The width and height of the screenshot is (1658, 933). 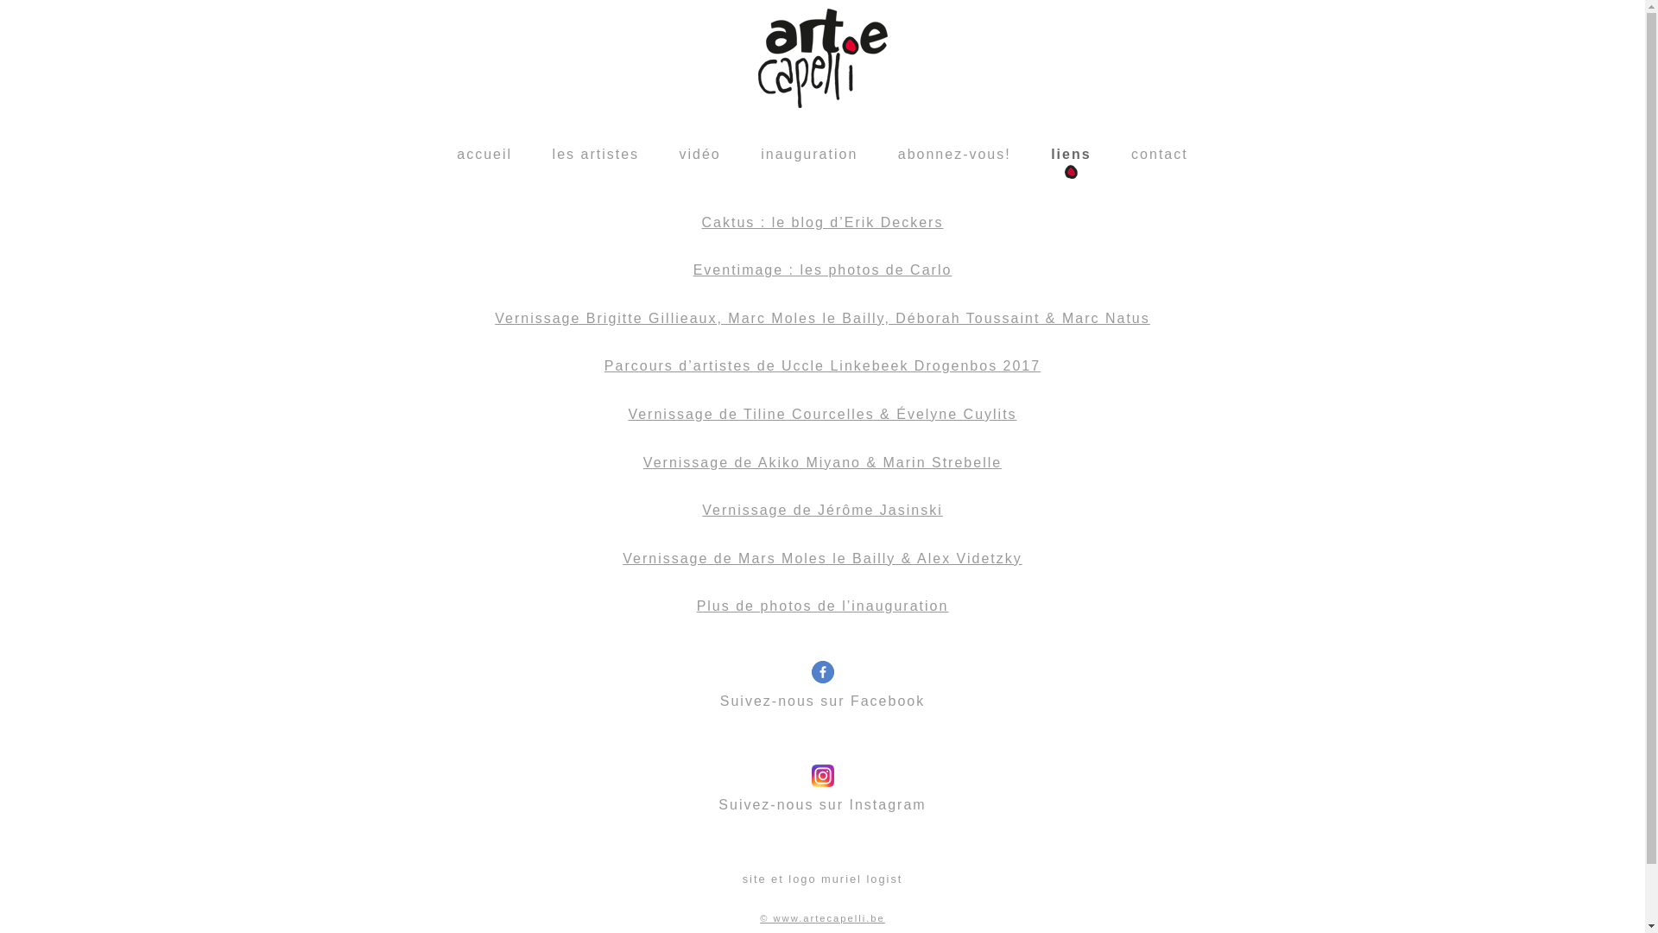 I want to click on 'Eventimage : les photos de Carlo', so click(x=822, y=270).